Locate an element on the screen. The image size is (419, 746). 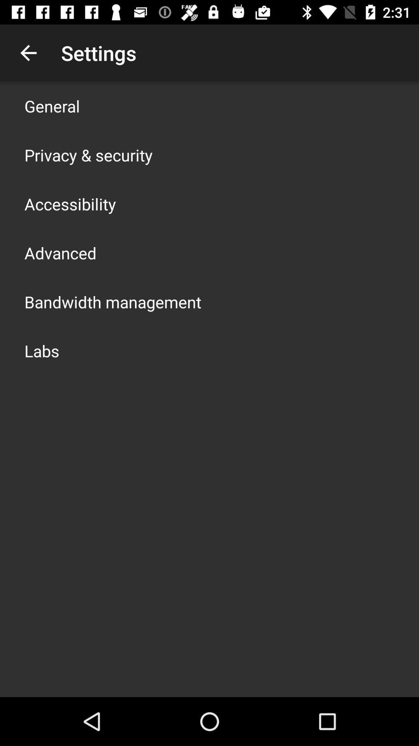
the advanced item is located at coordinates (60, 253).